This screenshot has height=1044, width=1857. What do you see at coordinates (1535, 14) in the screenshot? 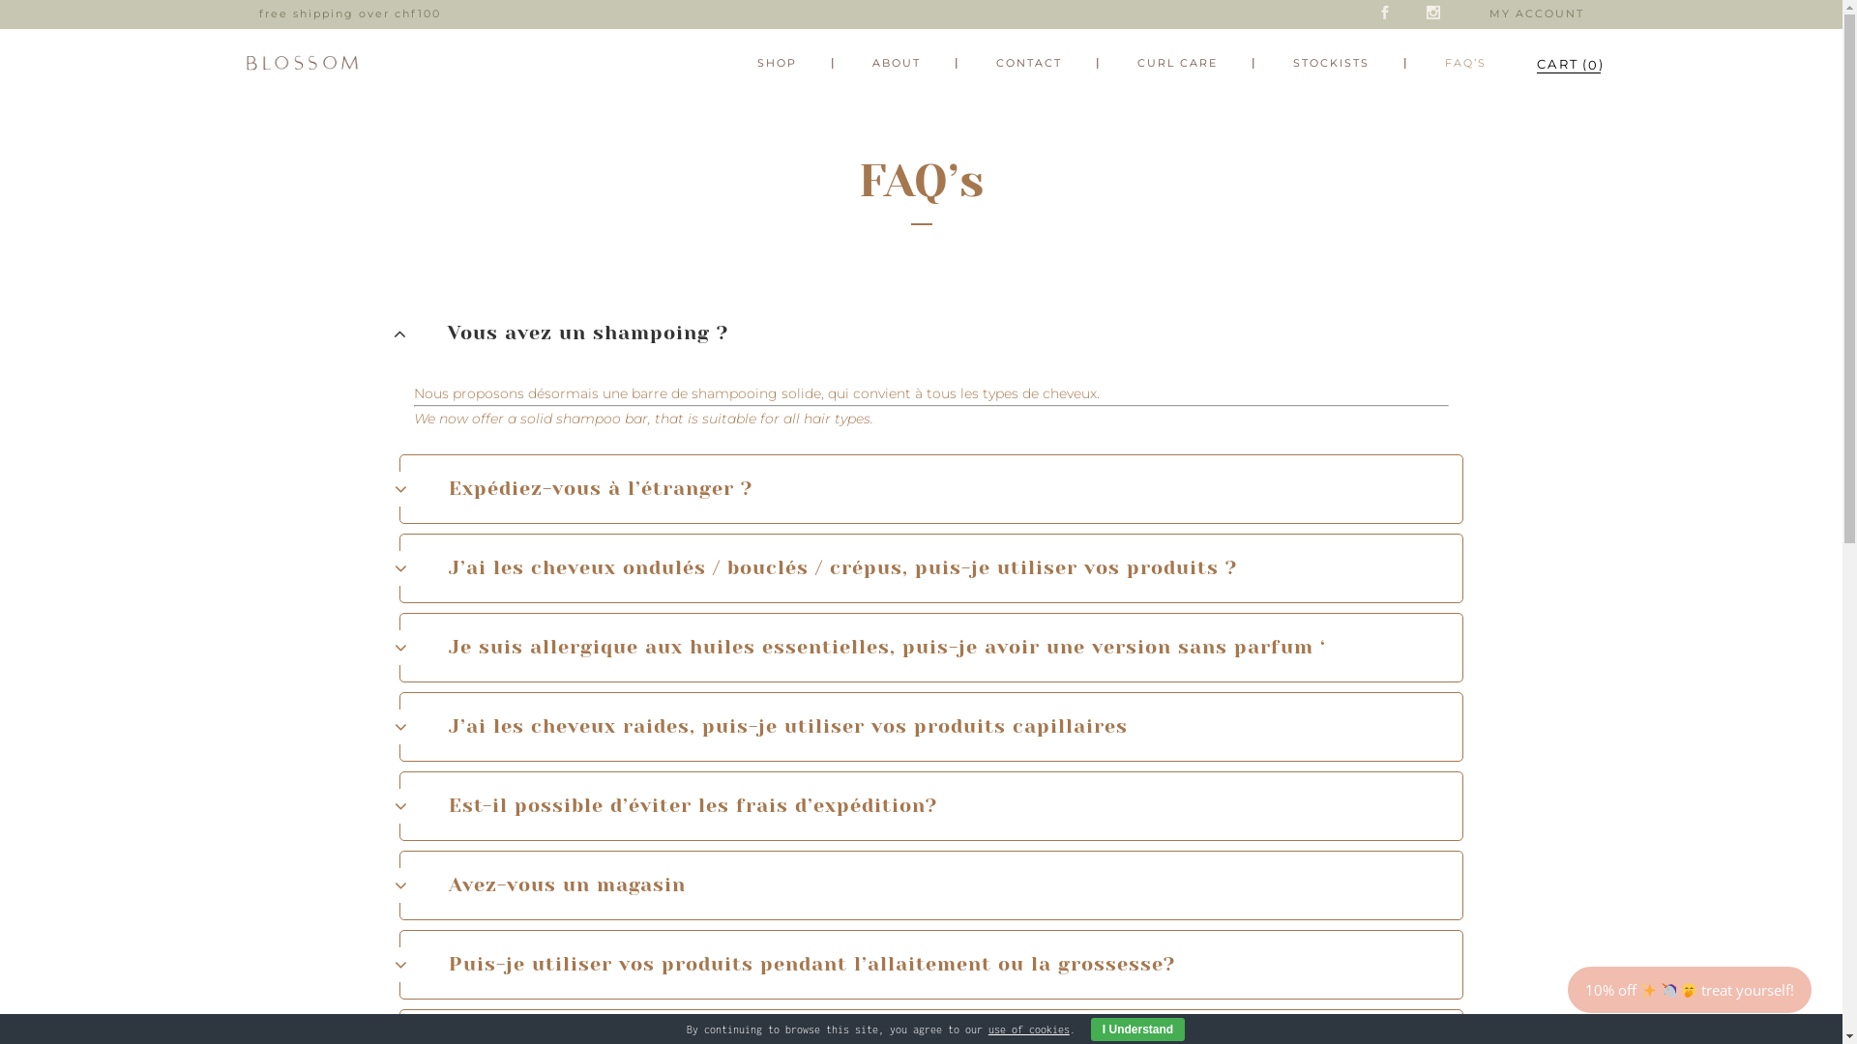
I see `'MY ACCOUNT'` at bounding box center [1535, 14].